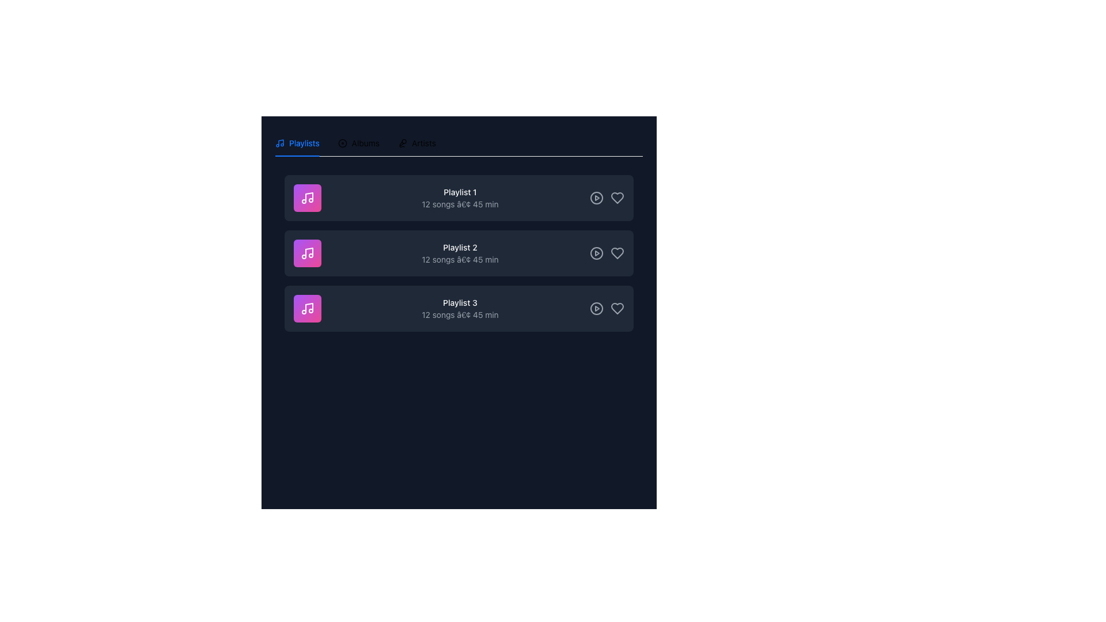 This screenshot has width=1106, height=622. What do you see at coordinates (459, 302) in the screenshot?
I see `text label 'Playlist 3' located in the third row of the playlist list, displayed in white font with medium weight styling` at bounding box center [459, 302].